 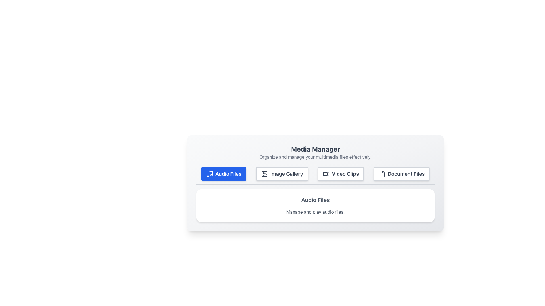 I want to click on the 'Image Gallery' icon, which is located to the left of the button's text and is the second button in a row of four in the central panel, so click(x=264, y=173).